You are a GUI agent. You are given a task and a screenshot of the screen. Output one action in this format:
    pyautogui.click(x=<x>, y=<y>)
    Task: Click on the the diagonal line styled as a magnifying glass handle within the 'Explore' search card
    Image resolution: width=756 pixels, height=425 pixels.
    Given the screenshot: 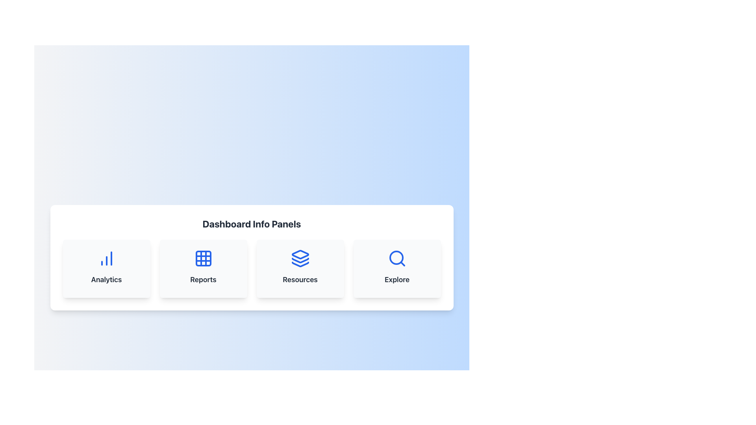 What is the action you would take?
    pyautogui.click(x=402, y=264)
    